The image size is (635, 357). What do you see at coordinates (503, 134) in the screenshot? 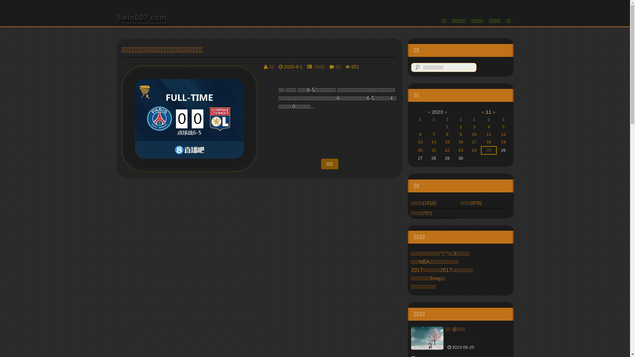
I see `'12'` at bounding box center [503, 134].